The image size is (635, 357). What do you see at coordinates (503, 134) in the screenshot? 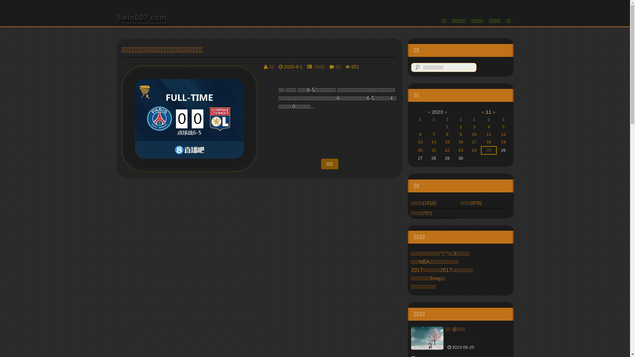
I see `'12'` at bounding box center [503, 134].